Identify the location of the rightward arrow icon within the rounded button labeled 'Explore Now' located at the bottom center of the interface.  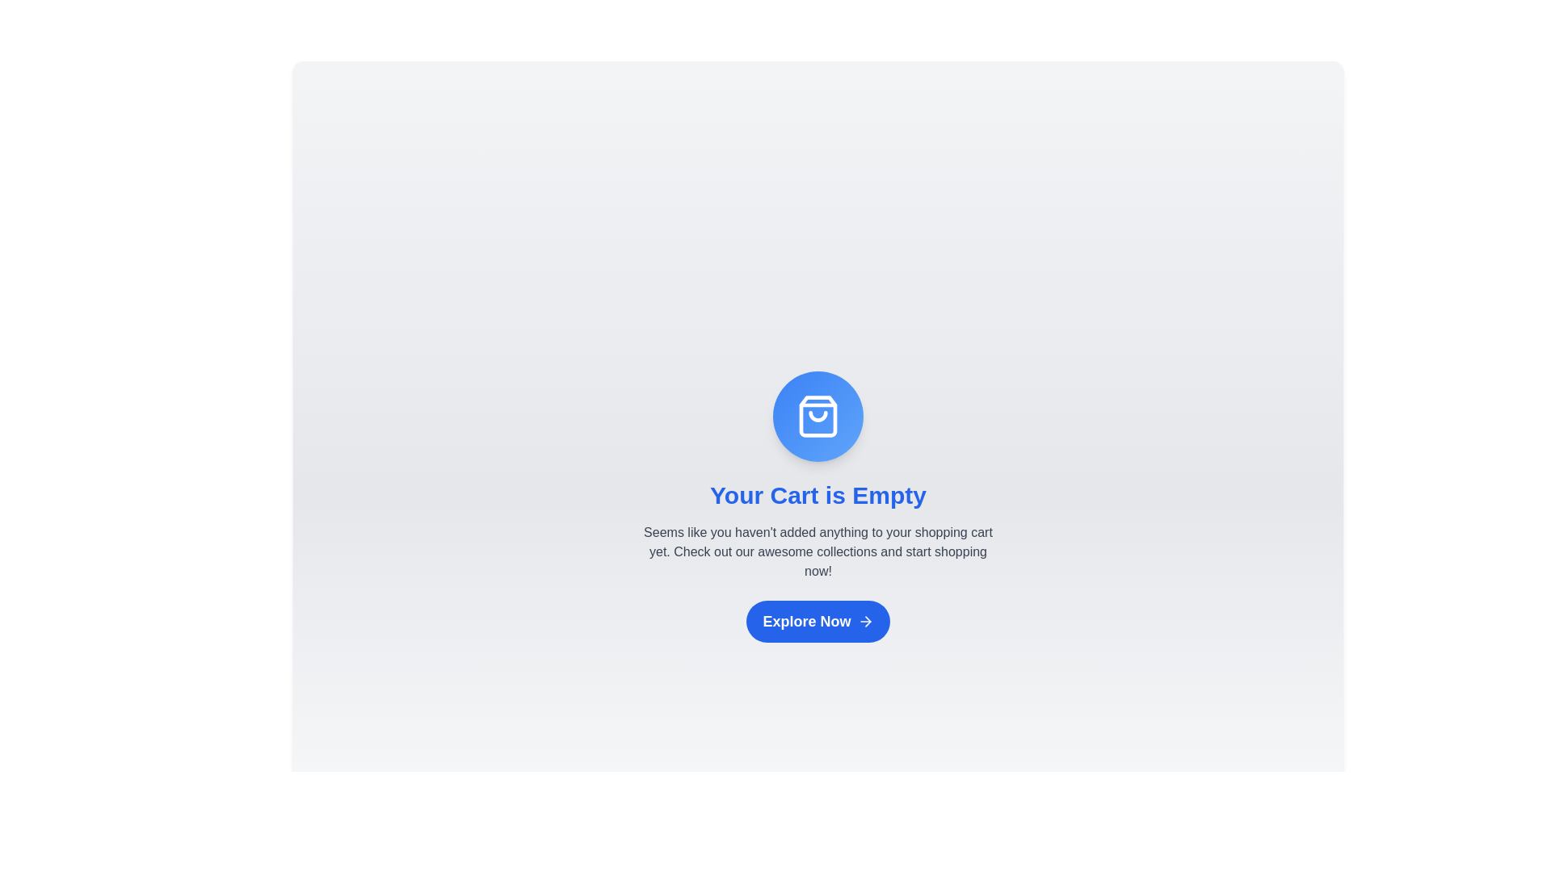
(864, 621).